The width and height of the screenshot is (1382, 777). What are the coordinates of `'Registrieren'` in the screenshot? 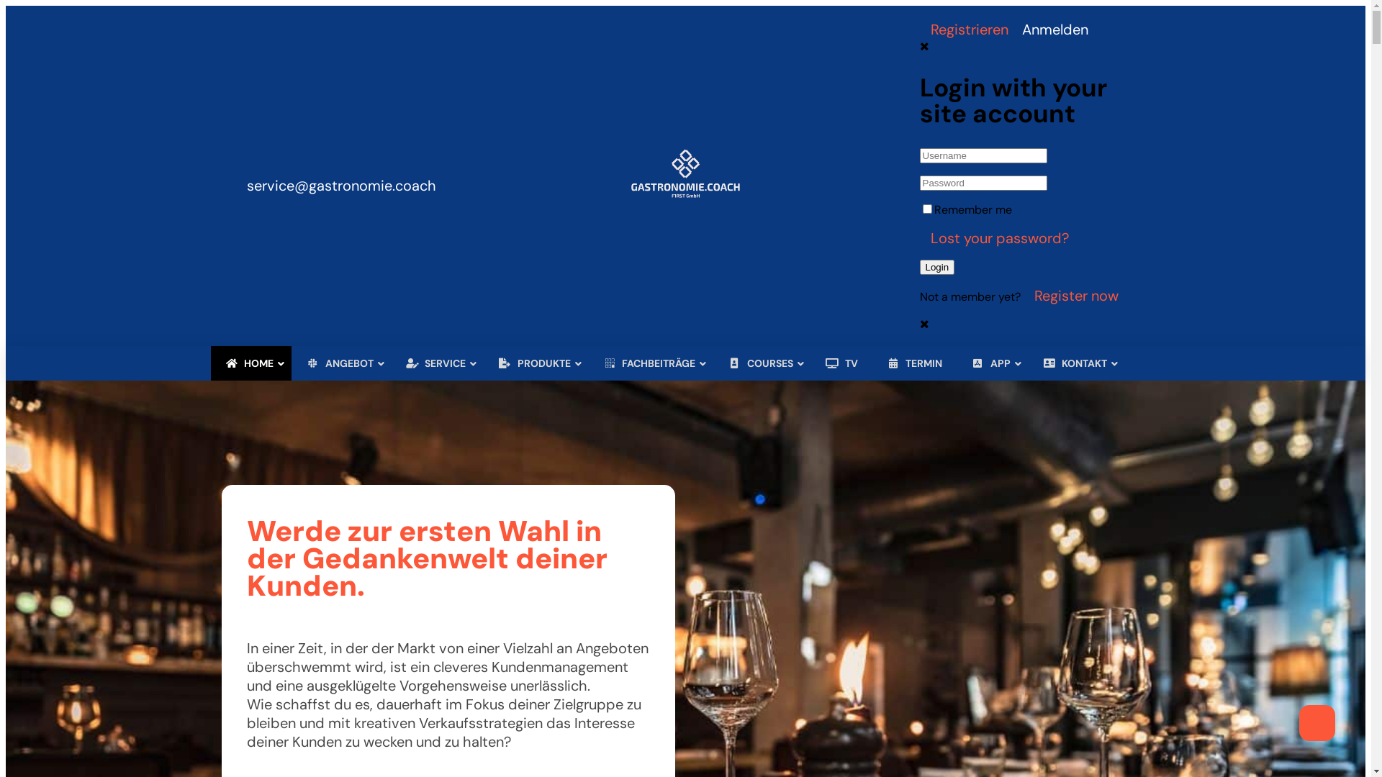 It's located at (965, 29).